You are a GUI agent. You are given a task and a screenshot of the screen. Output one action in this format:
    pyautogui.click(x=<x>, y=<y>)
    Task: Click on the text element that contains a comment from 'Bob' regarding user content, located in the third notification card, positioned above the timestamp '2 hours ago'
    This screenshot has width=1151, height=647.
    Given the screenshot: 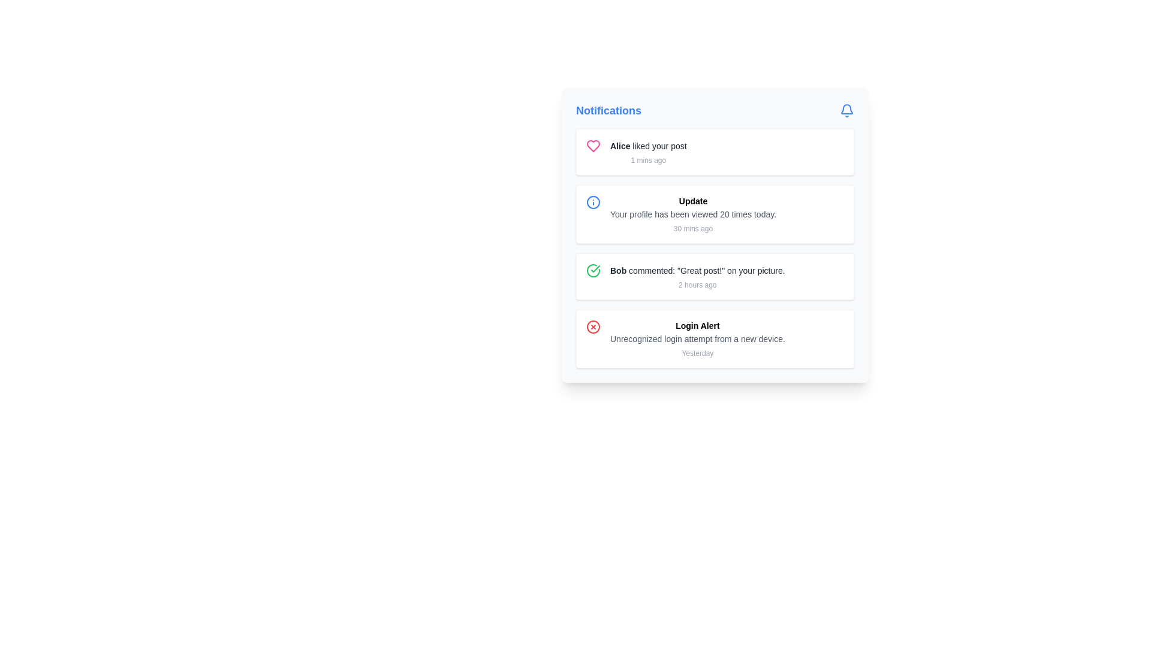 What is the action you would take?
    pyautogui.click(x=697, y=270)
    